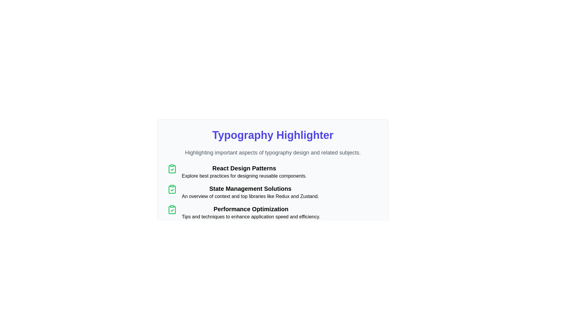 The height and width of the screenshot is (324, 577). What do you see at coordinates (244, 175) in the screenshot?
I see `the informational text that says 'Explore best practices for designing reusable components.' which is located directly below the bold title 'React Design Patterns'` at bounding box center [244, 175].